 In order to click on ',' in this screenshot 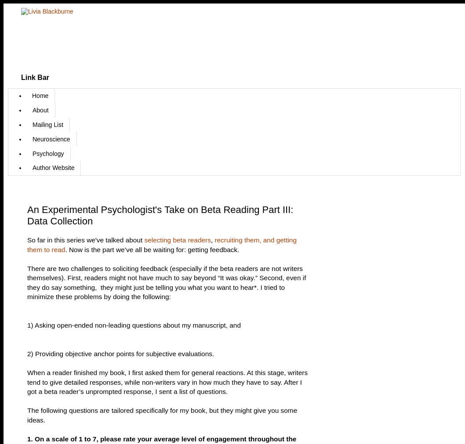, I will do `click(212, 240)`.